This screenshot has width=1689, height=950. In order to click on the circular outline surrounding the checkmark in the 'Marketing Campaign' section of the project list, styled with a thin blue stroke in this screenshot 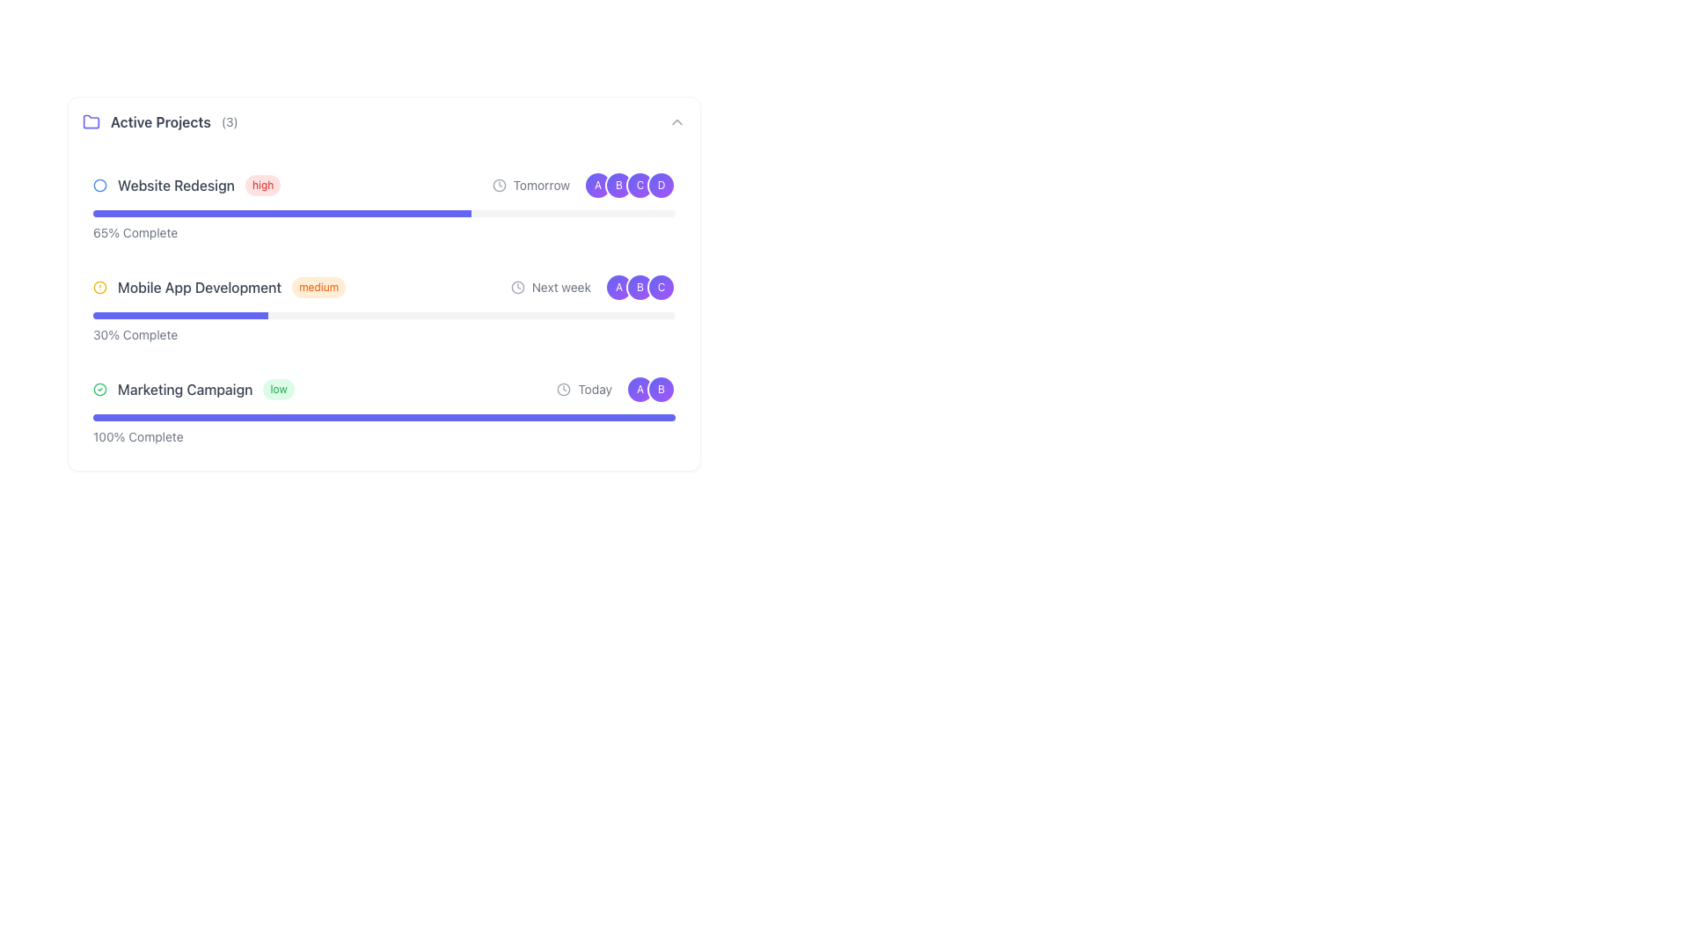, I will do `click(99, 186)`.